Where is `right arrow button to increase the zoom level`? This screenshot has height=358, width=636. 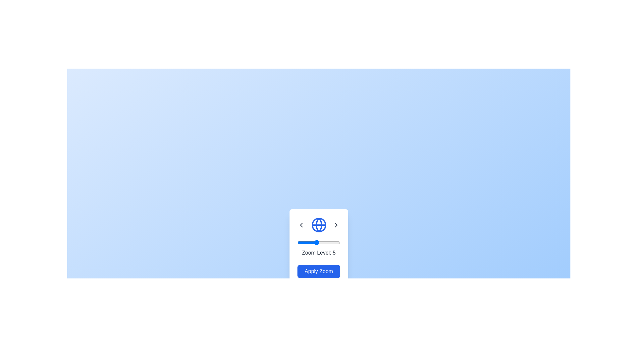 right arrow button to increase the zoom level is located at coordinates (336, 224).